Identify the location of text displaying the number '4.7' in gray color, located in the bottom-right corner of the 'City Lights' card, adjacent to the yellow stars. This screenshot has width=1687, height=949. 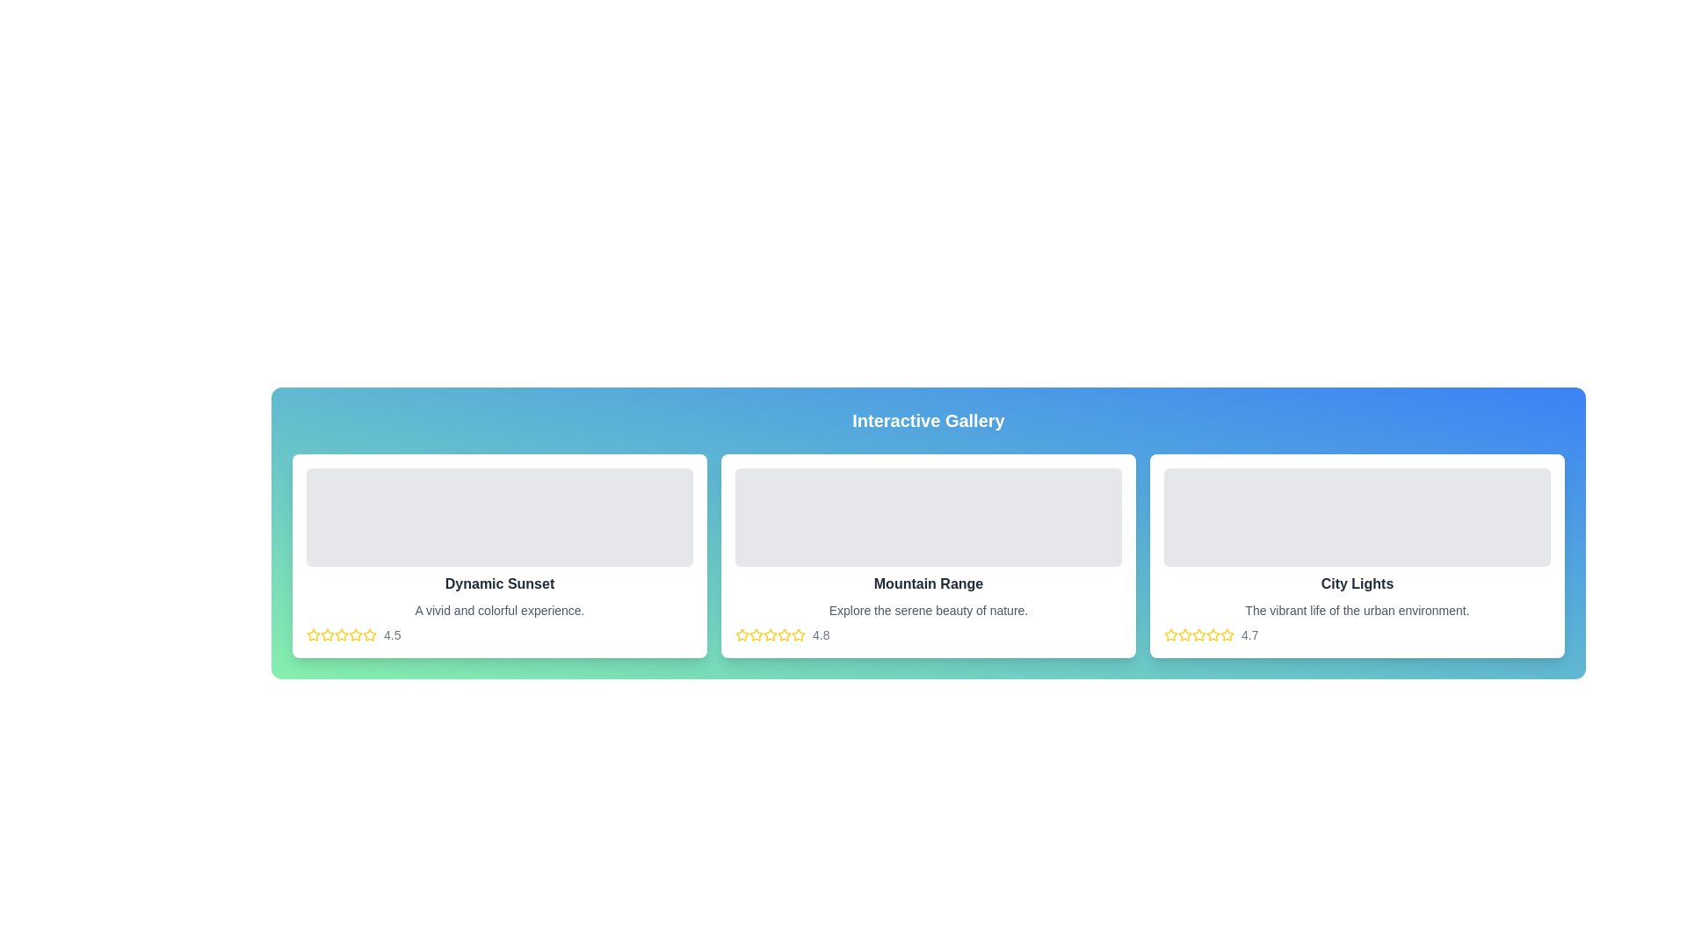
(1249, 634).